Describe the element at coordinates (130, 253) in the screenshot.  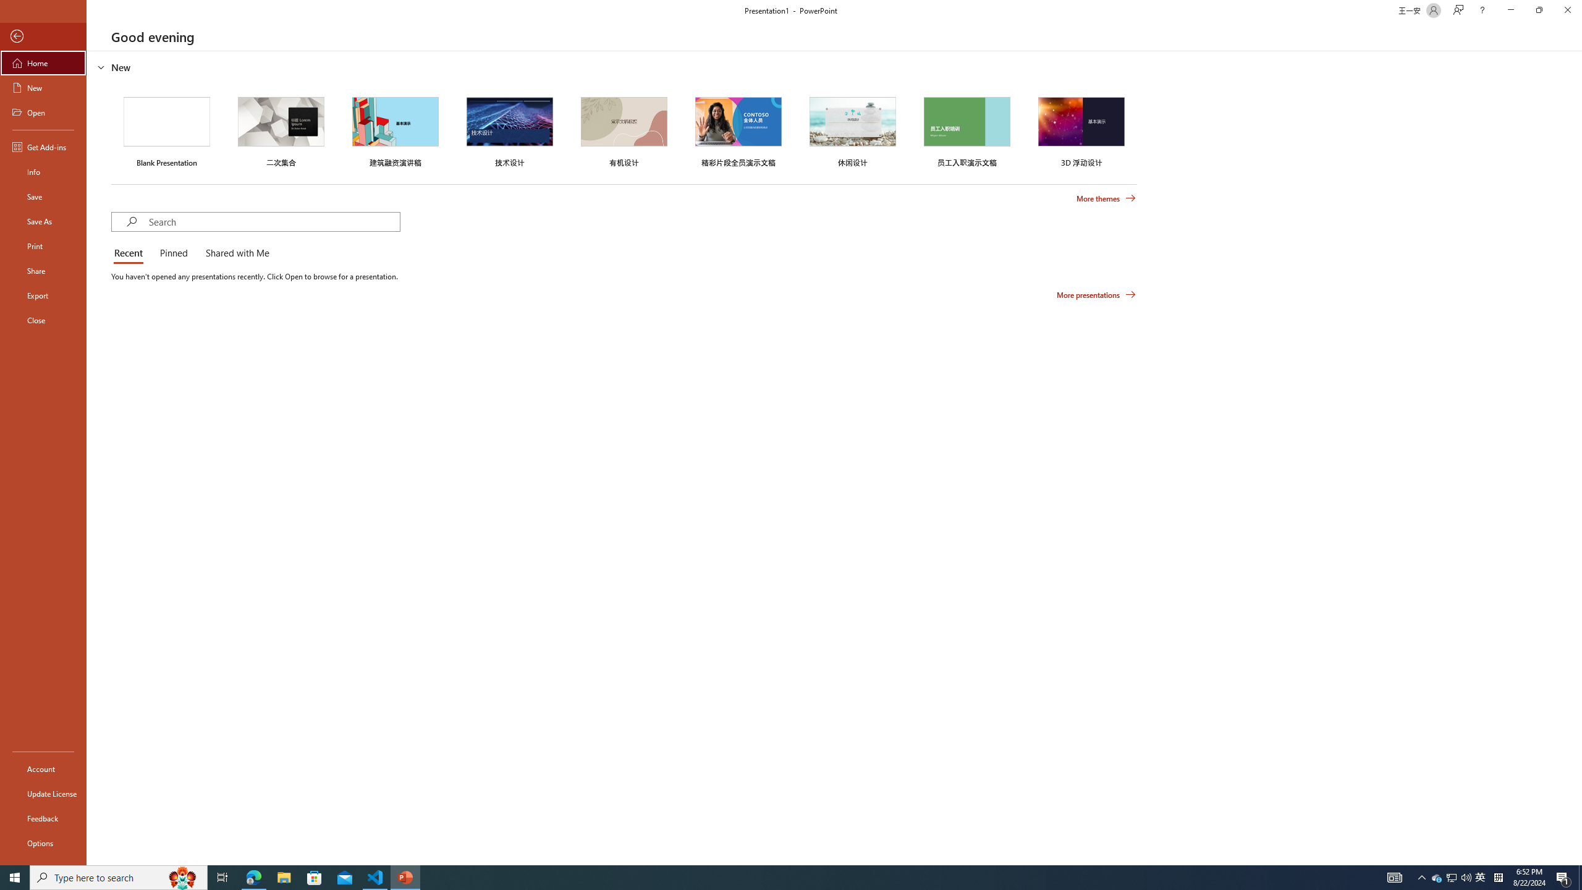
I see `'Recent'` at that location.